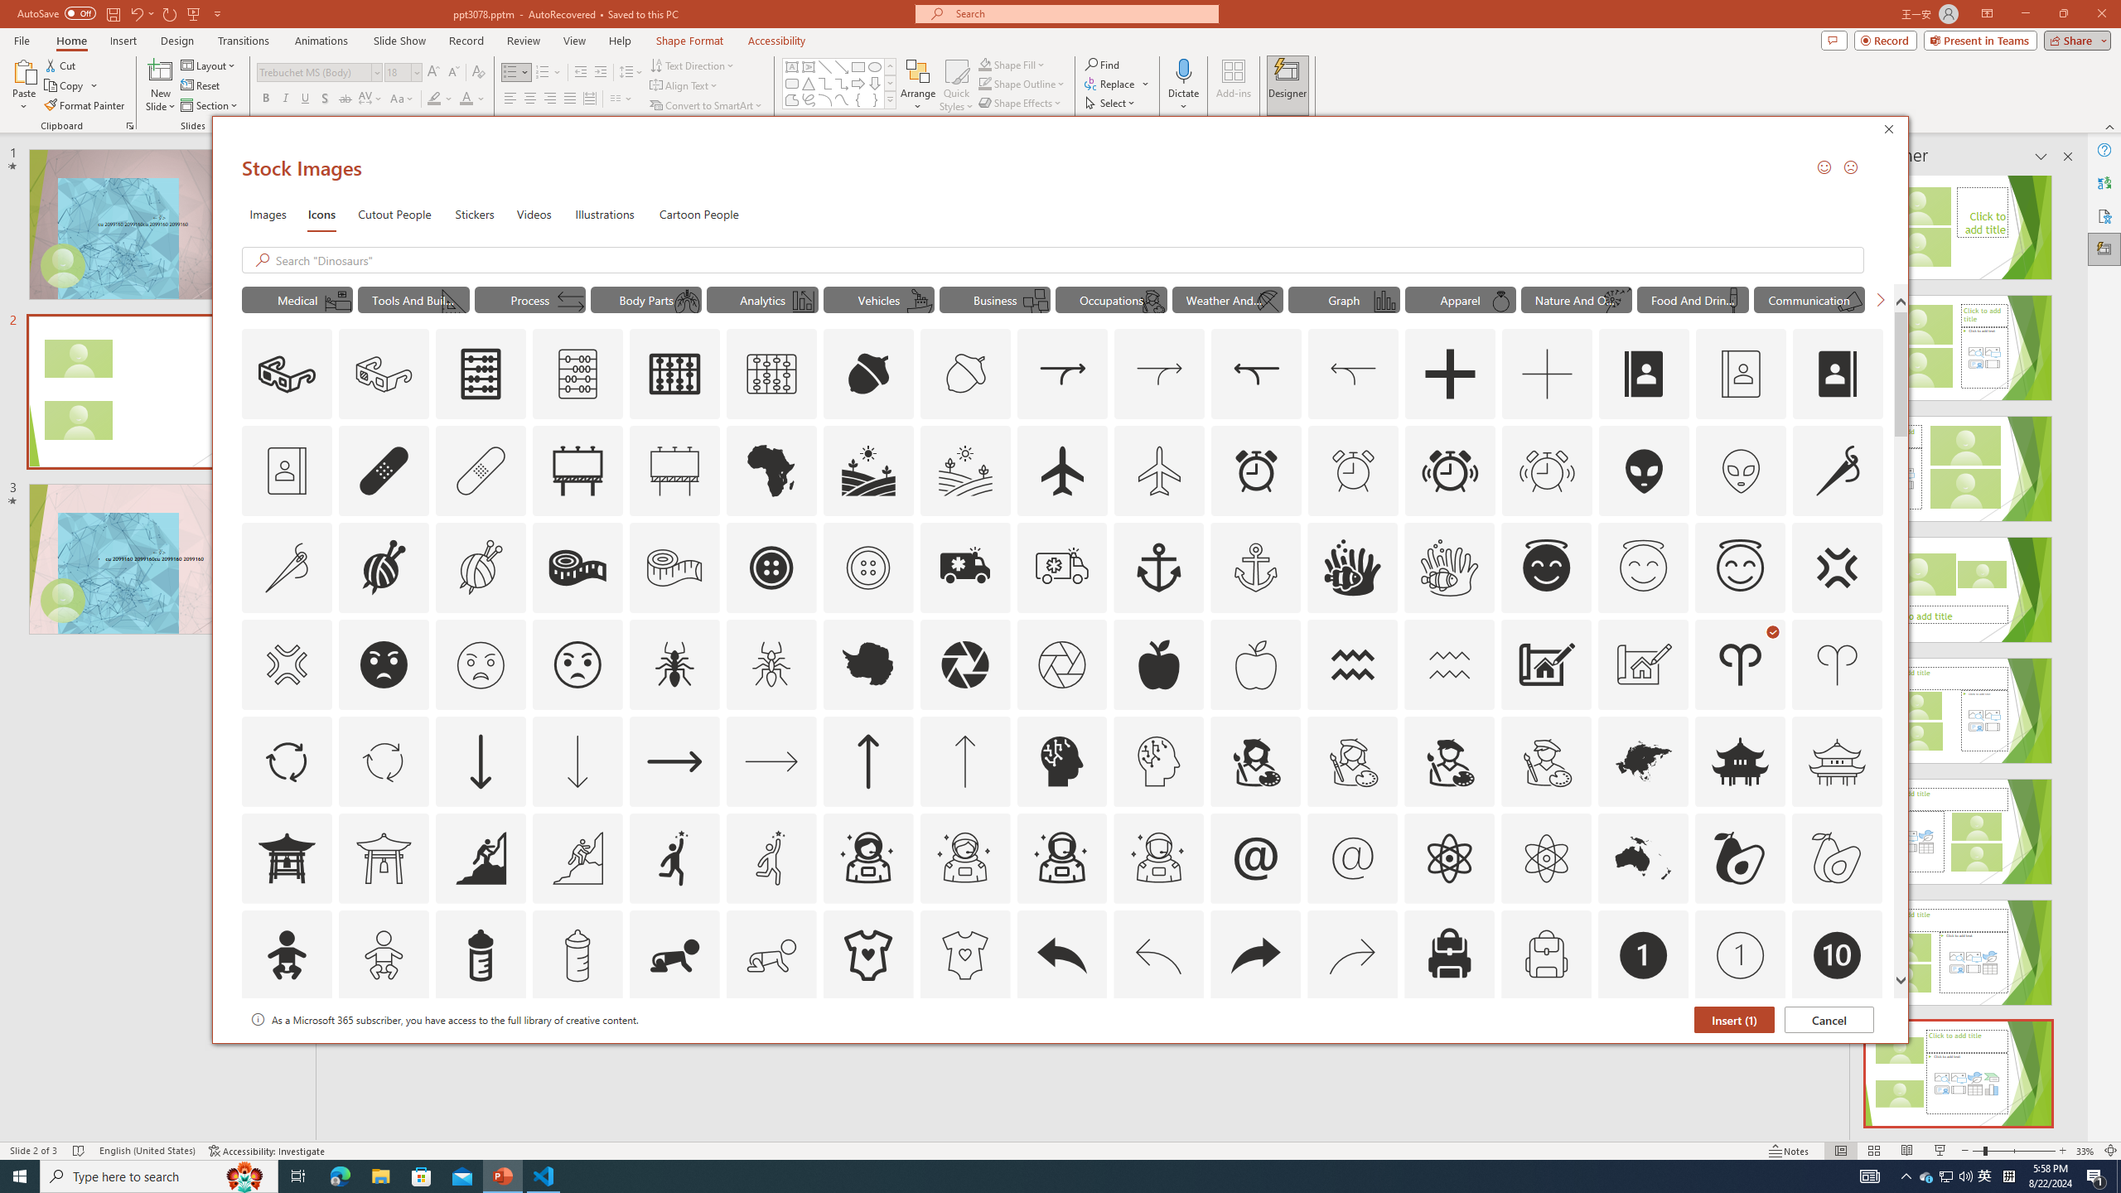 The height and width of the screenshot is (1193, 2121). I want to click on 'AutomationID: Icons_Lungs_M', so click(686, 301).